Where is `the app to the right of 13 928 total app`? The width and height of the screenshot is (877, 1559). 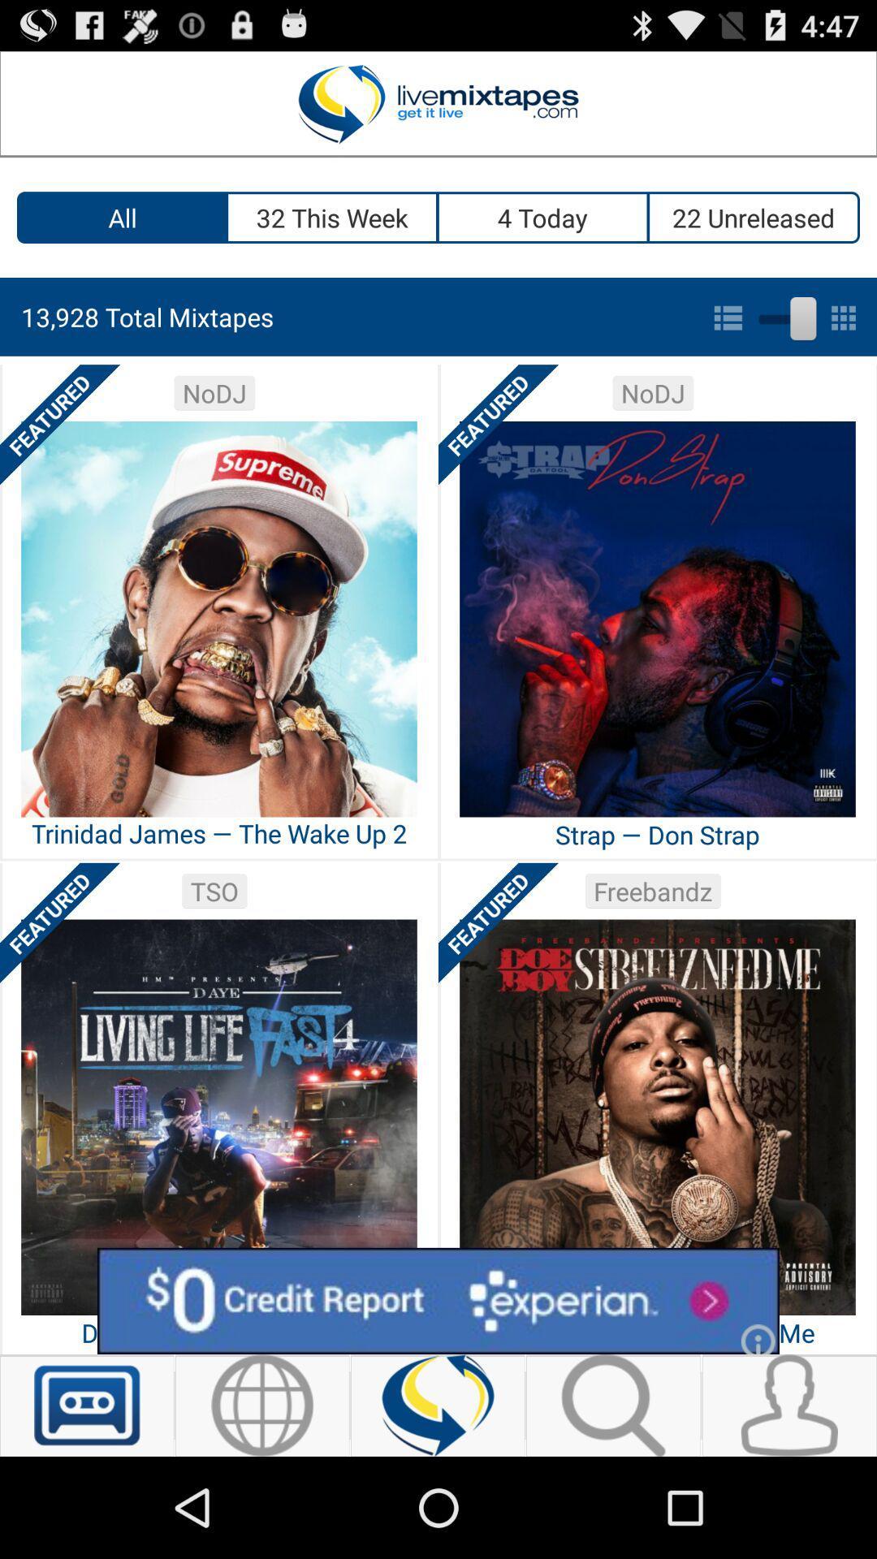
the app to the right of 13 928 total app is located at coordinates (784, 315).